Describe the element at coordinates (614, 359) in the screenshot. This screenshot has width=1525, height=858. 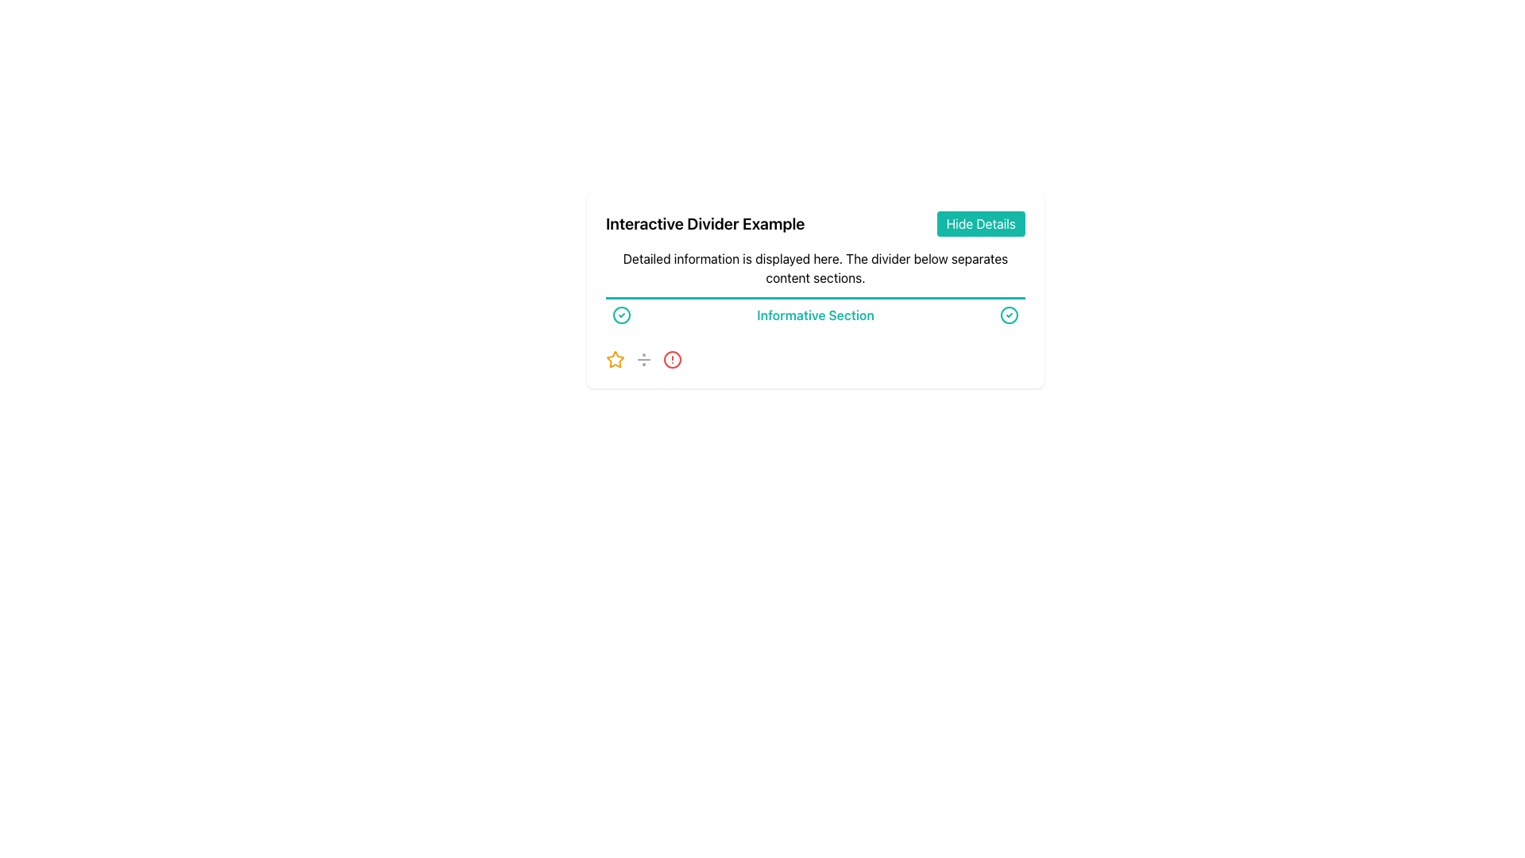
I see `the rating icon located beneath the 'Informative Section' title` at that location.